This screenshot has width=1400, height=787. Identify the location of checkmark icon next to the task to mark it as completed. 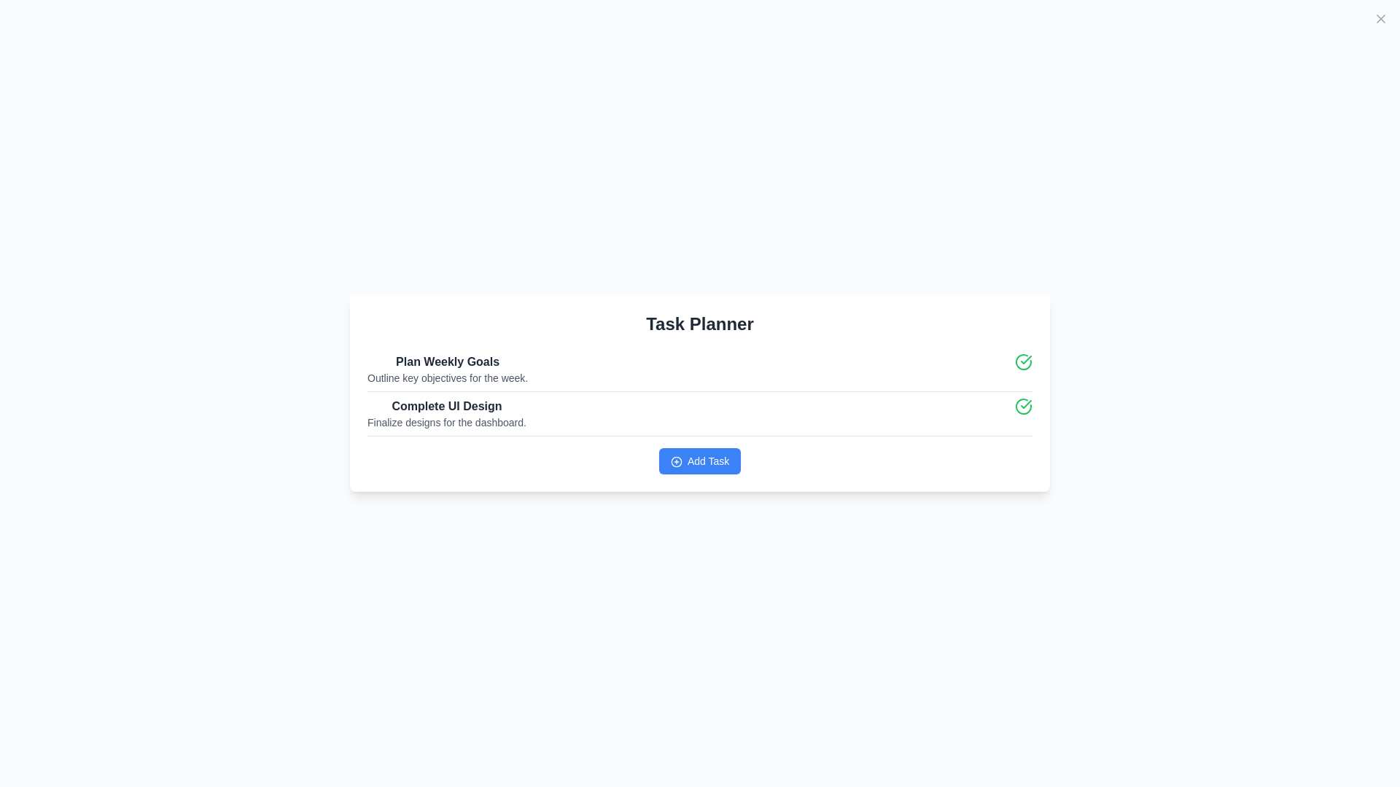
(1022, 361).